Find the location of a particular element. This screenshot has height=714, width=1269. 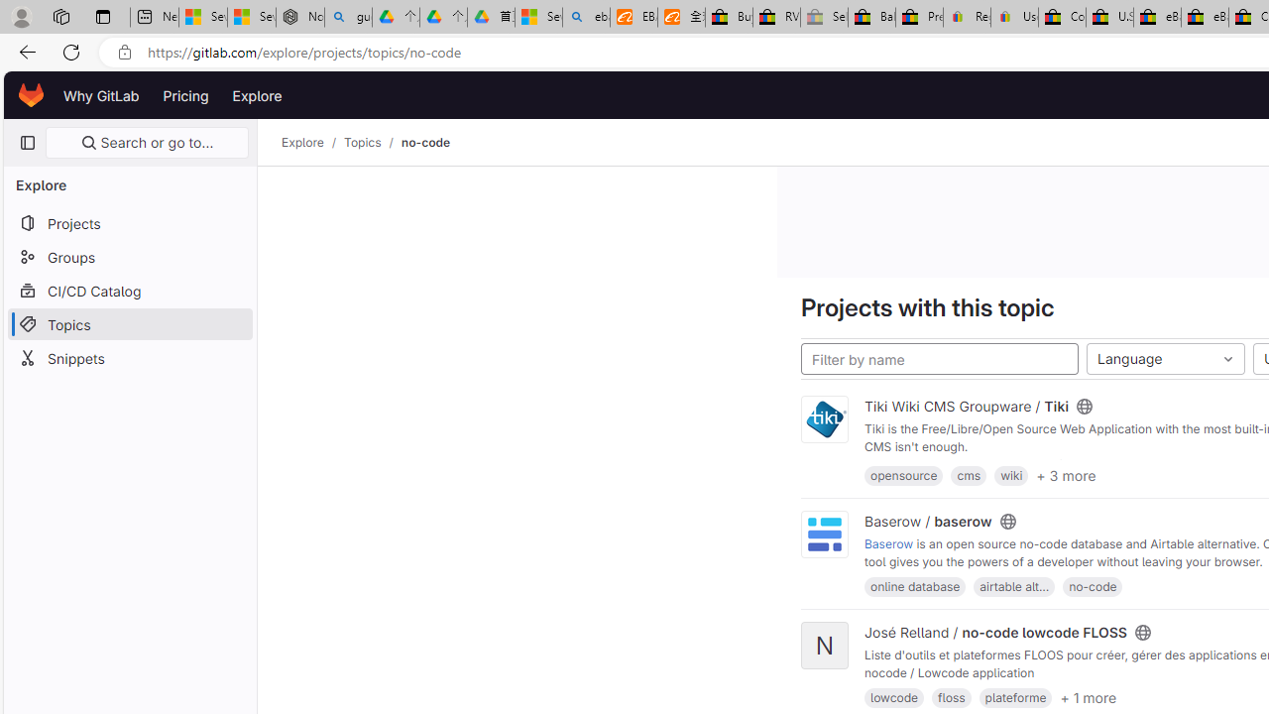

'Why GitLab' is located at coordinates (100, 95).